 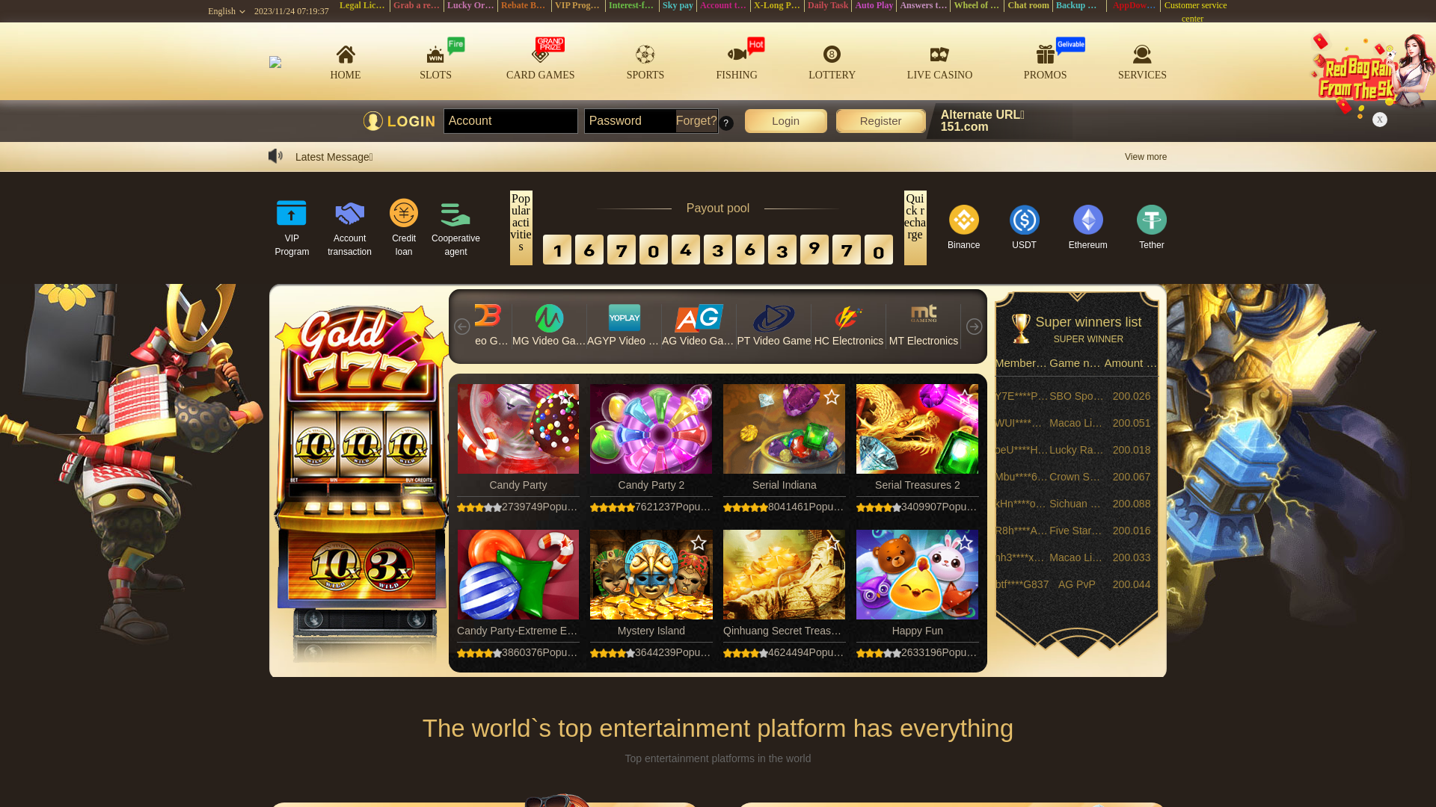 I want to click on 'CARD GAMES', so click(x=539, y=61).